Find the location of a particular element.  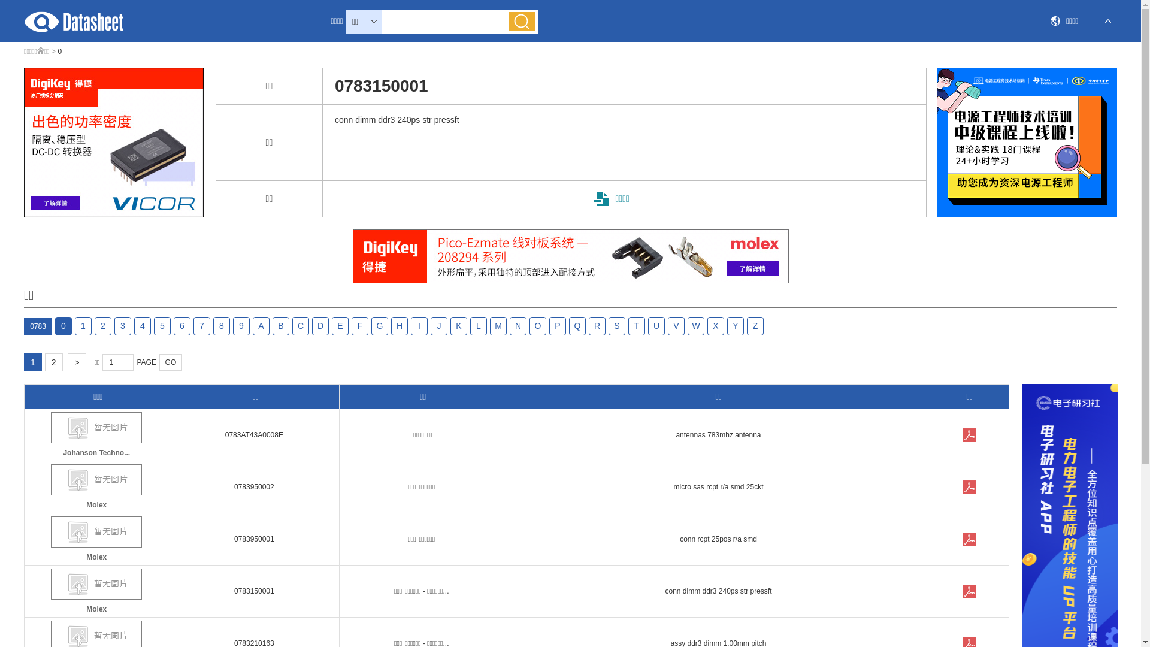

'4' is located at coordinates (143, 326).